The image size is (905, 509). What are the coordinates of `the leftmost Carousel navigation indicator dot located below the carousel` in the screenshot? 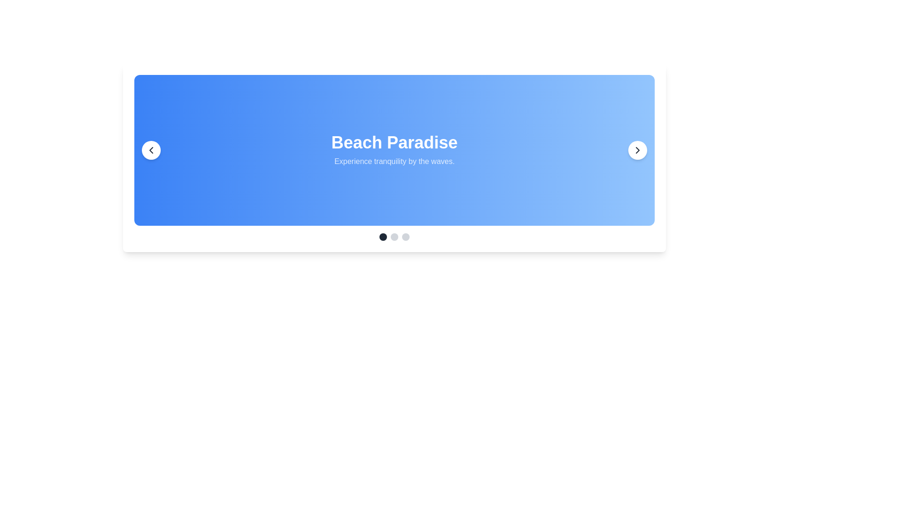 It's located at (383, 236).